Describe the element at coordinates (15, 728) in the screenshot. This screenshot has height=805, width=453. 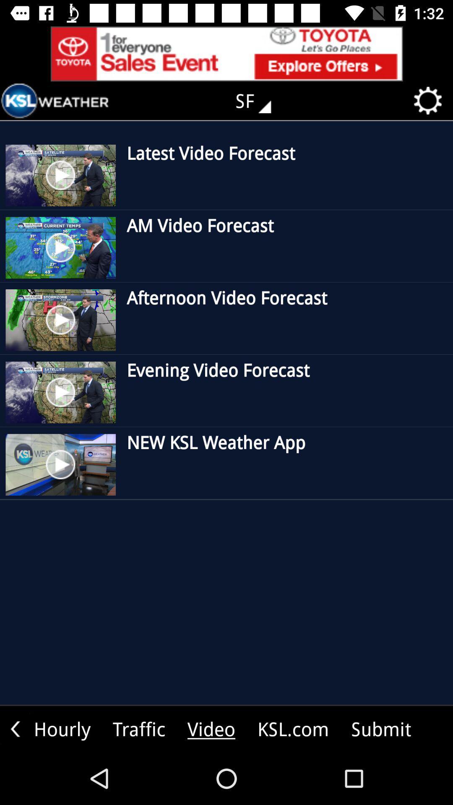
I see `the arrow_backward icon` at that location.